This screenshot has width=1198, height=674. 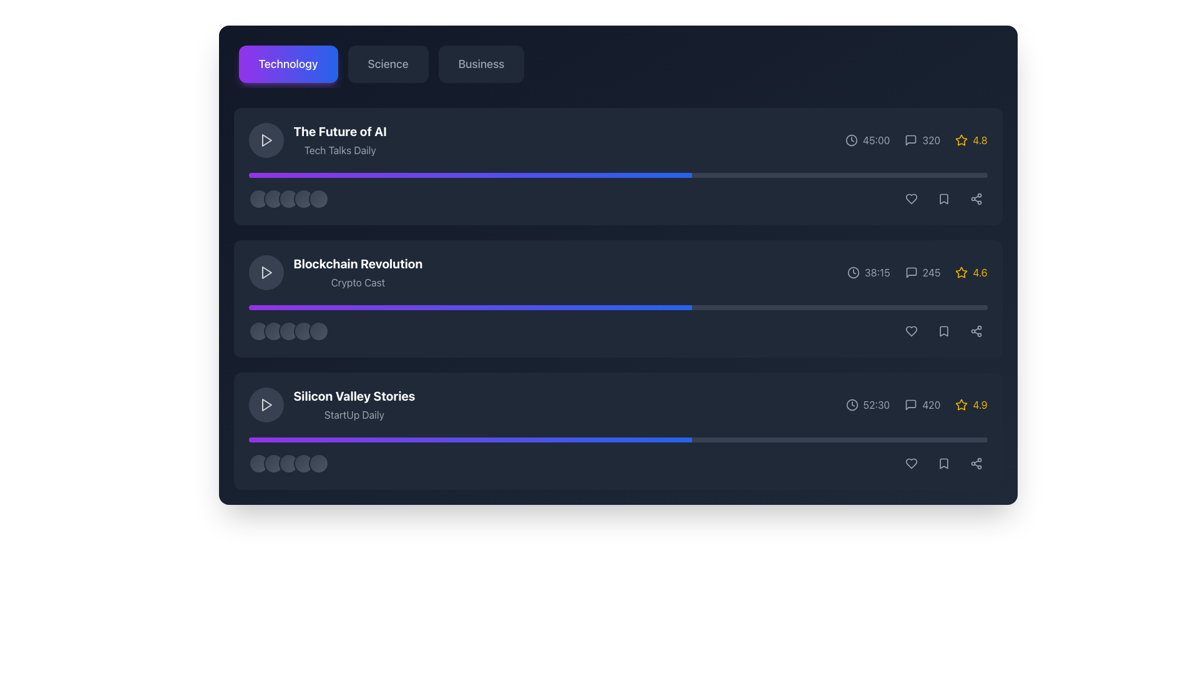 What do you see at coordinates (265, 271) in the screenshot?
I see `the play button for the podcast episode titled 'Blockchain Revolution'` at bounding box center [265, 271].